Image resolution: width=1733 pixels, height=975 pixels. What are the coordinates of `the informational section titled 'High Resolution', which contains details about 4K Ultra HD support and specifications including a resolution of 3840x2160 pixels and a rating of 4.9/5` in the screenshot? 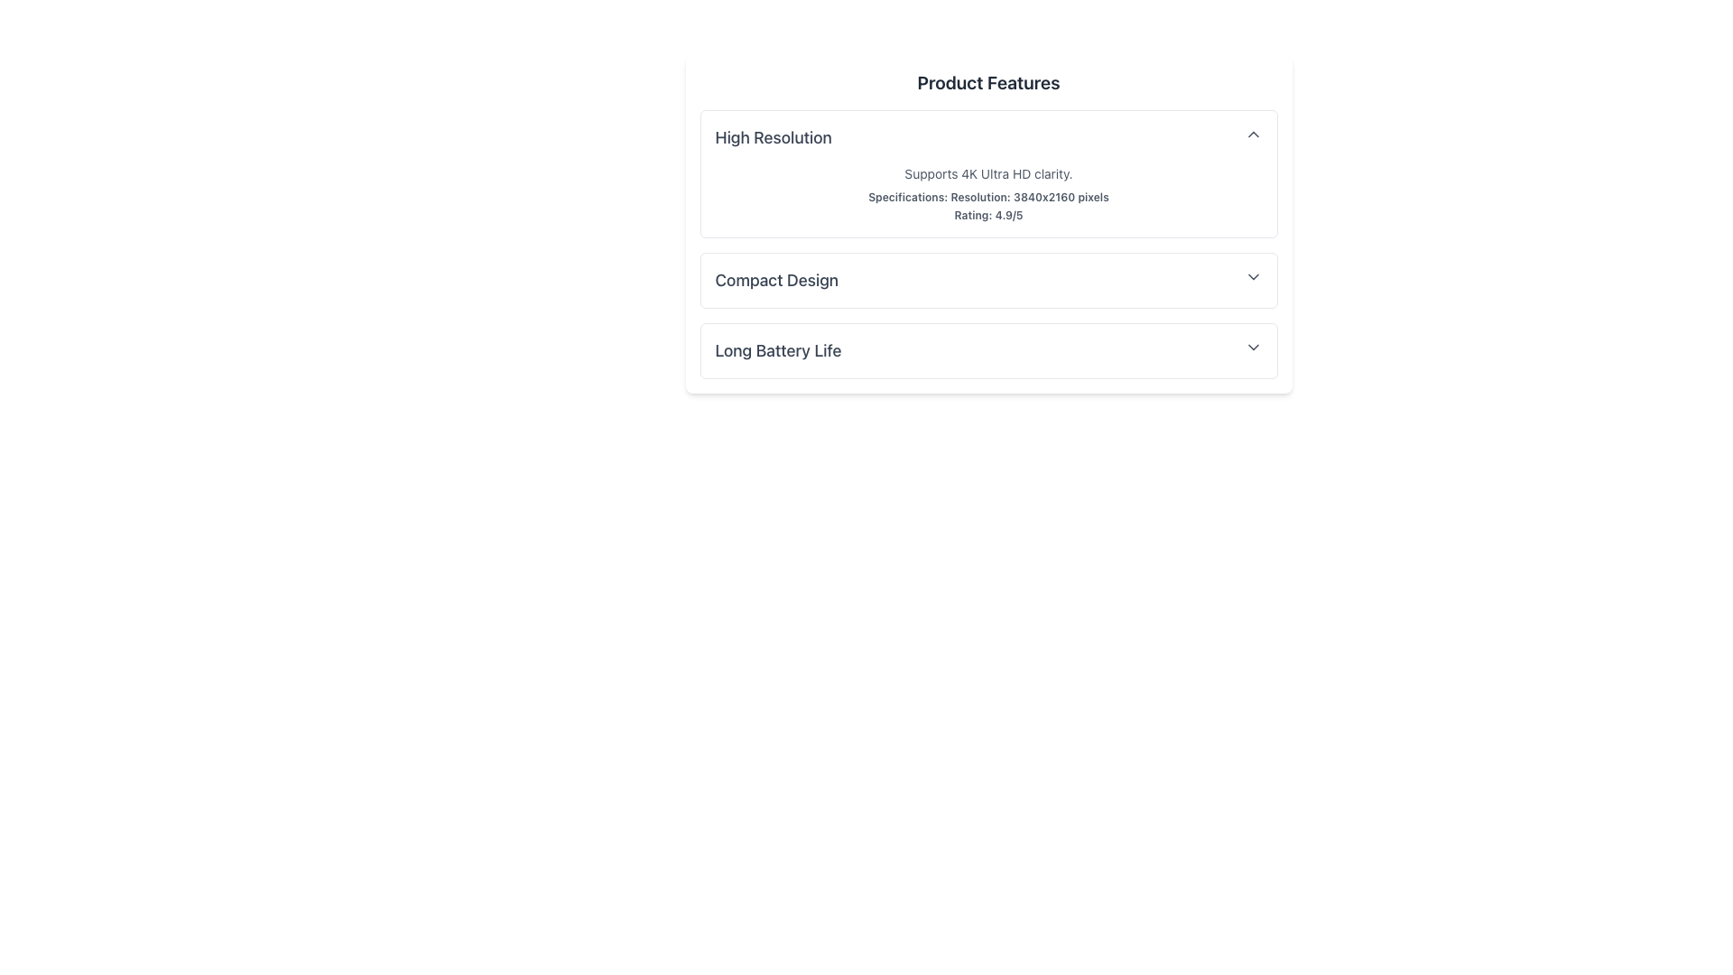 It's located at (987, 244).